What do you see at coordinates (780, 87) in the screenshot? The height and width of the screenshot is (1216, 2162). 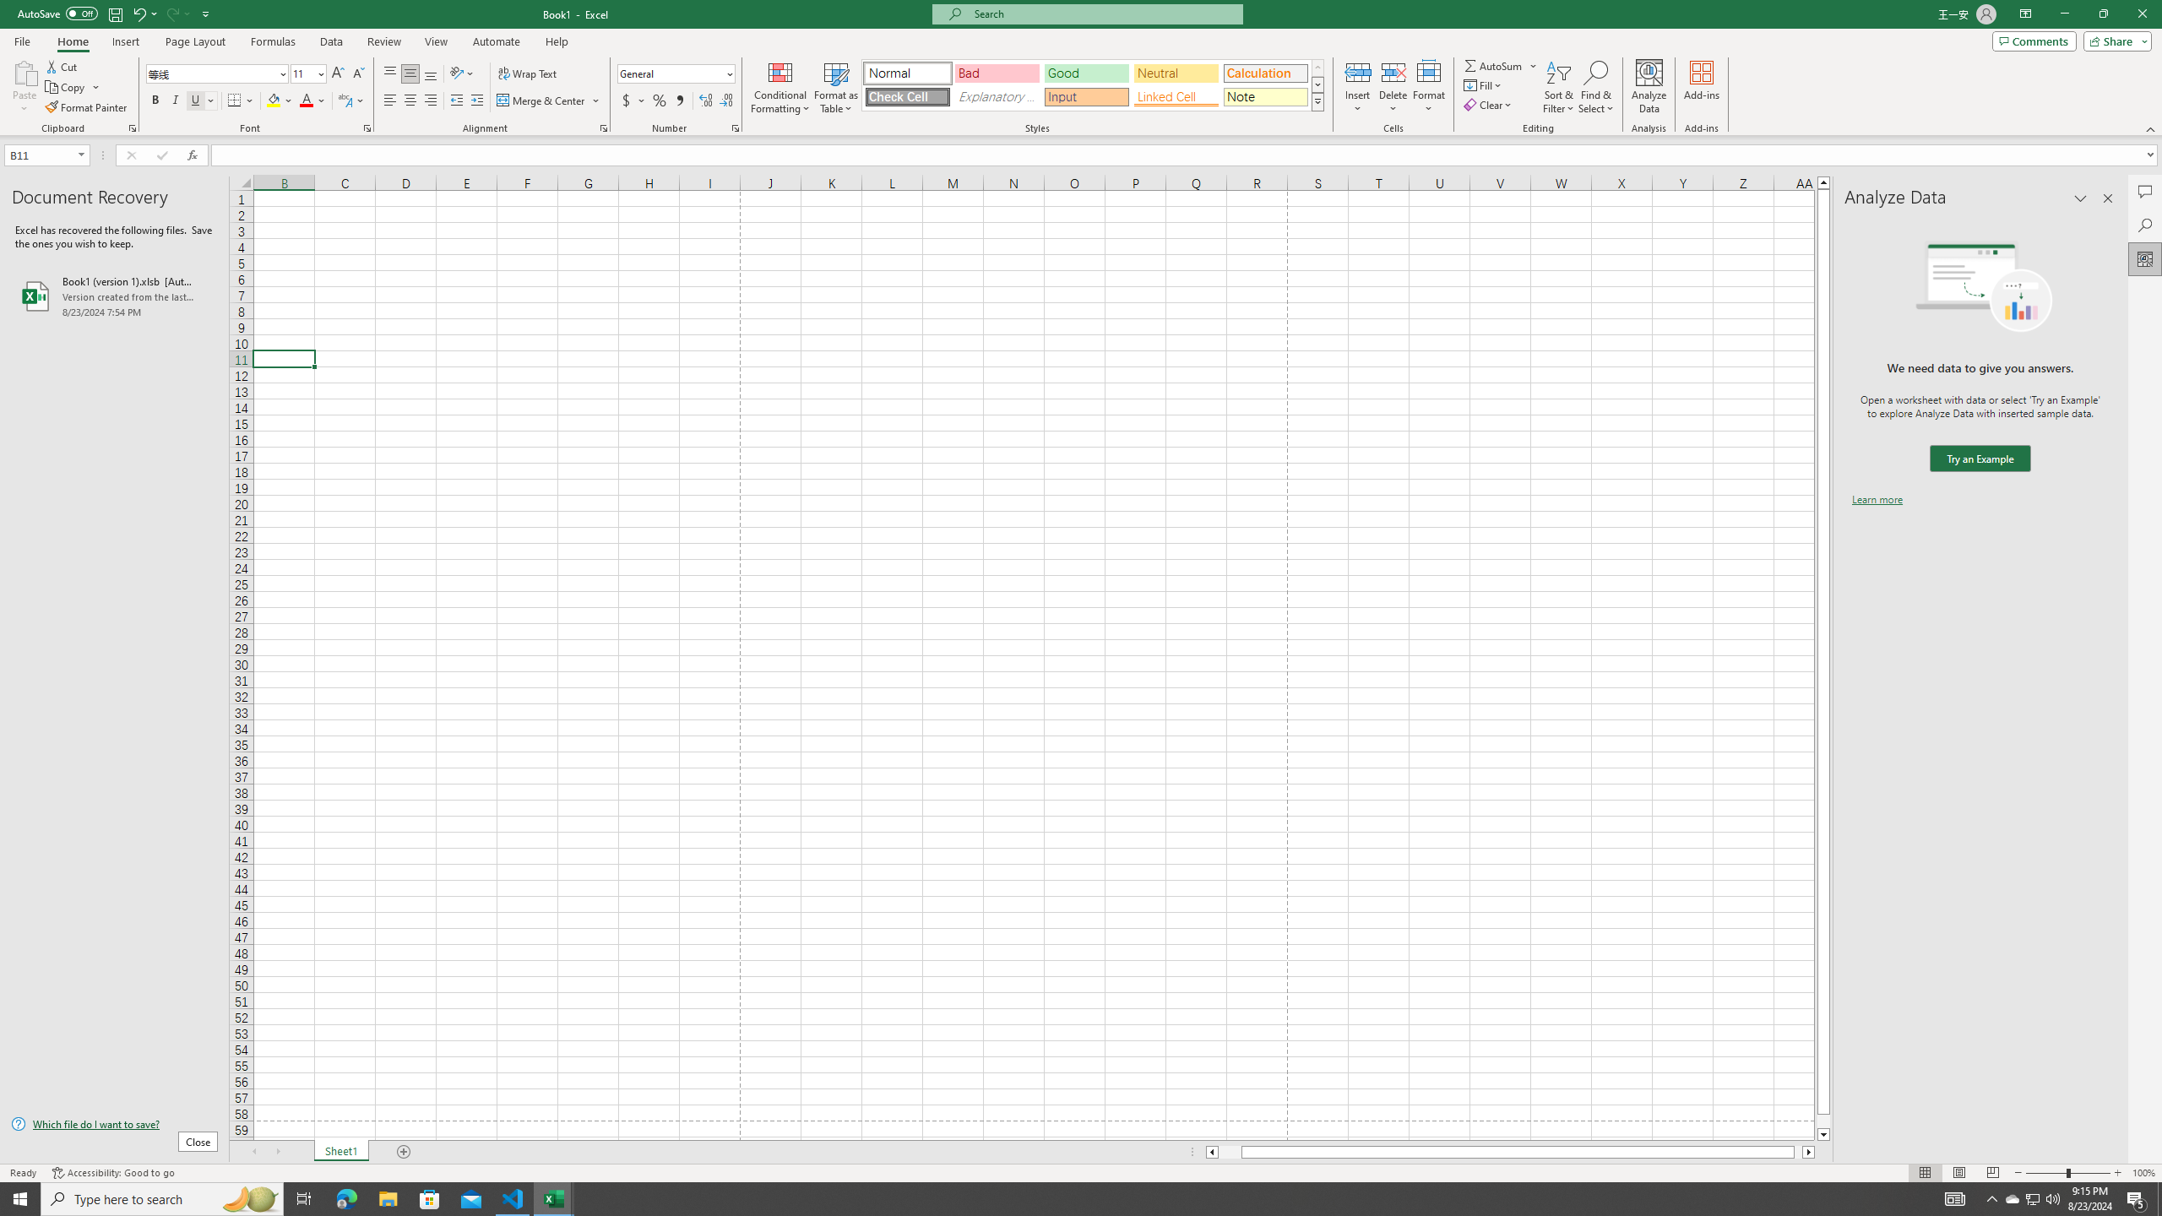 I see `'Conditional Formatting'` at bounding box center [780, 87].